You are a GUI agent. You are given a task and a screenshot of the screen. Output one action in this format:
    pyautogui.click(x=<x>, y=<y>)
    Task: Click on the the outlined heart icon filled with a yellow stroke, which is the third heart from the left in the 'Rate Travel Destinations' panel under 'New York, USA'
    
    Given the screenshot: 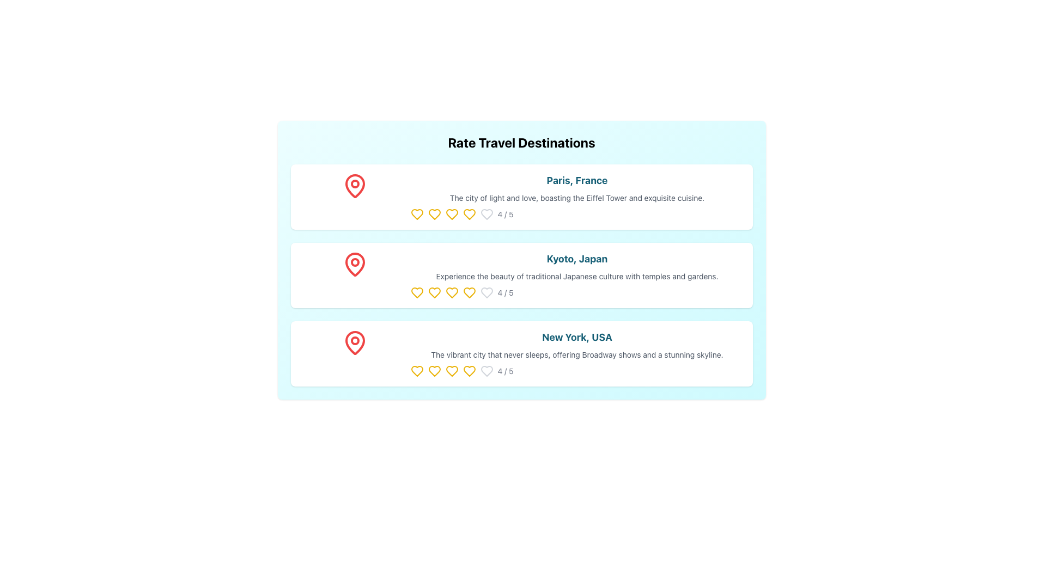 What is the action you would take?
    pyautogui.click(x=469, y=371)
    